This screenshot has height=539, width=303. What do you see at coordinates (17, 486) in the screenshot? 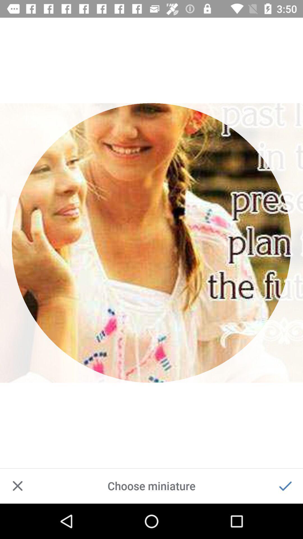
I see `item at the bottom left corner` at bounding box center [17, 486].